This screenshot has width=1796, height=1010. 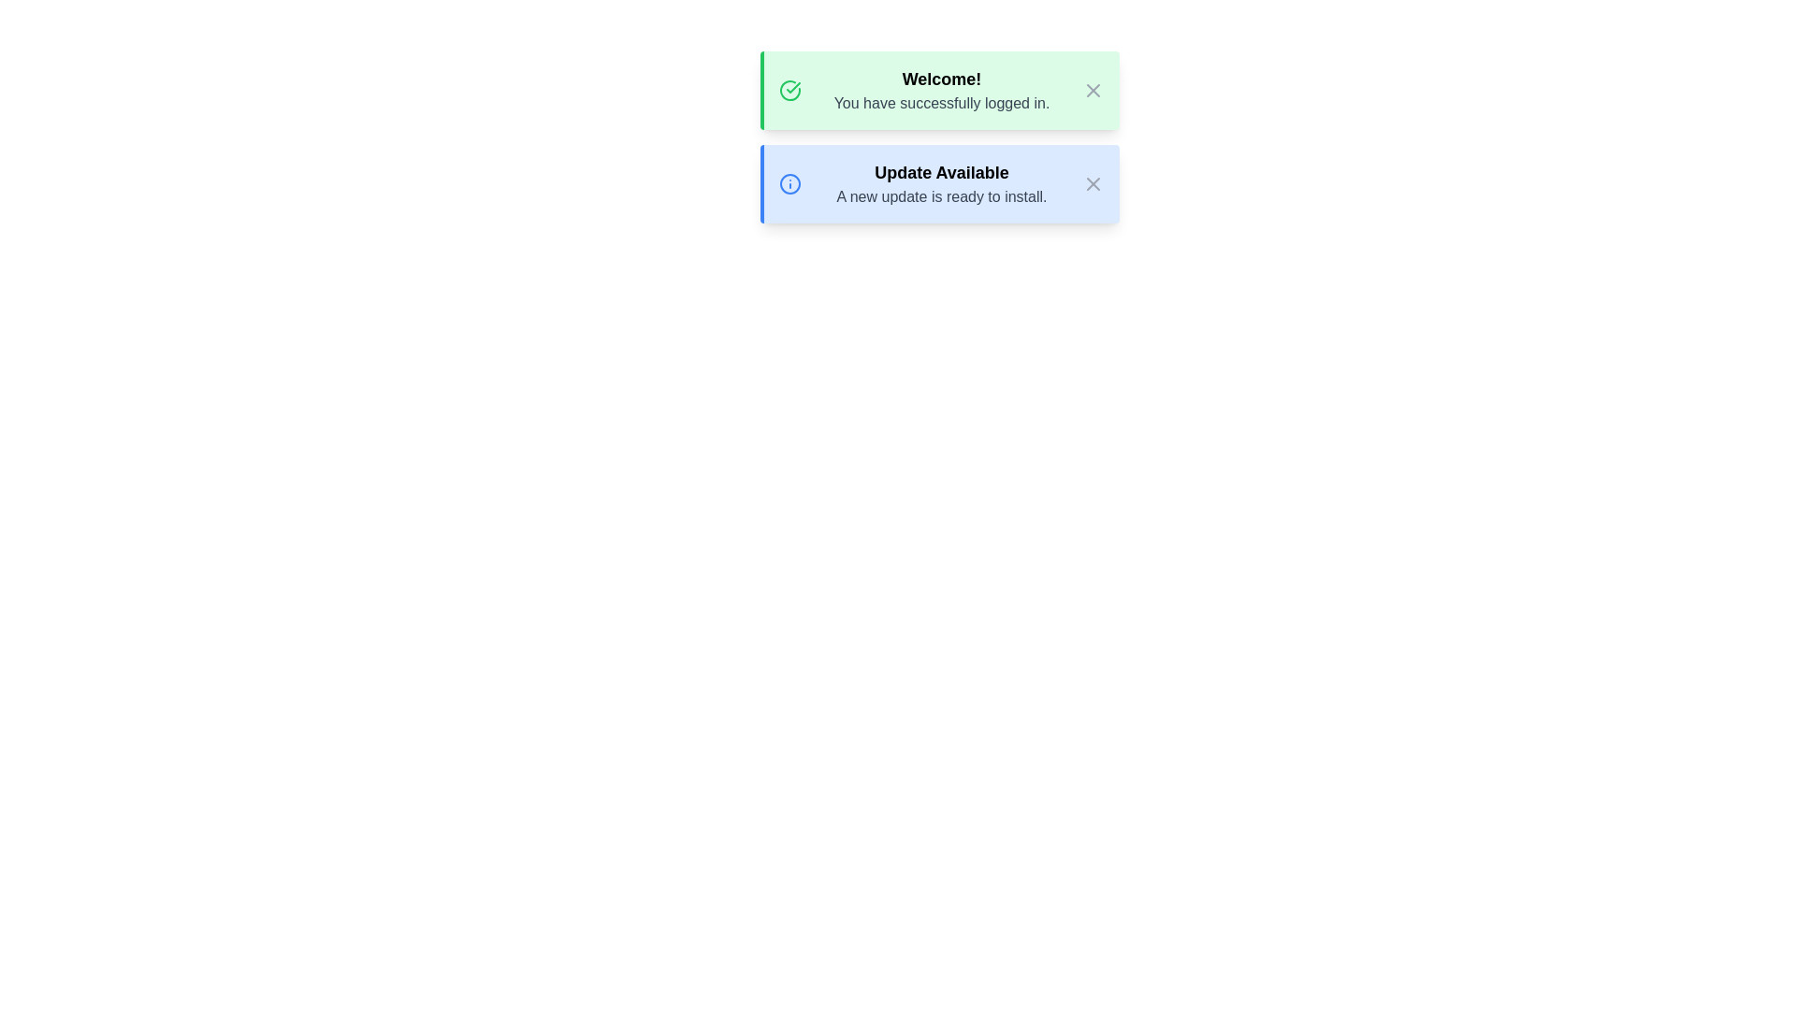 What do you see at coordinates (942, 104) in the screenshot?
I see `the confirmation message text label that informs the user of a successful login action, located directly below the 'Welcome!' text` at bounding box center [942, 104].